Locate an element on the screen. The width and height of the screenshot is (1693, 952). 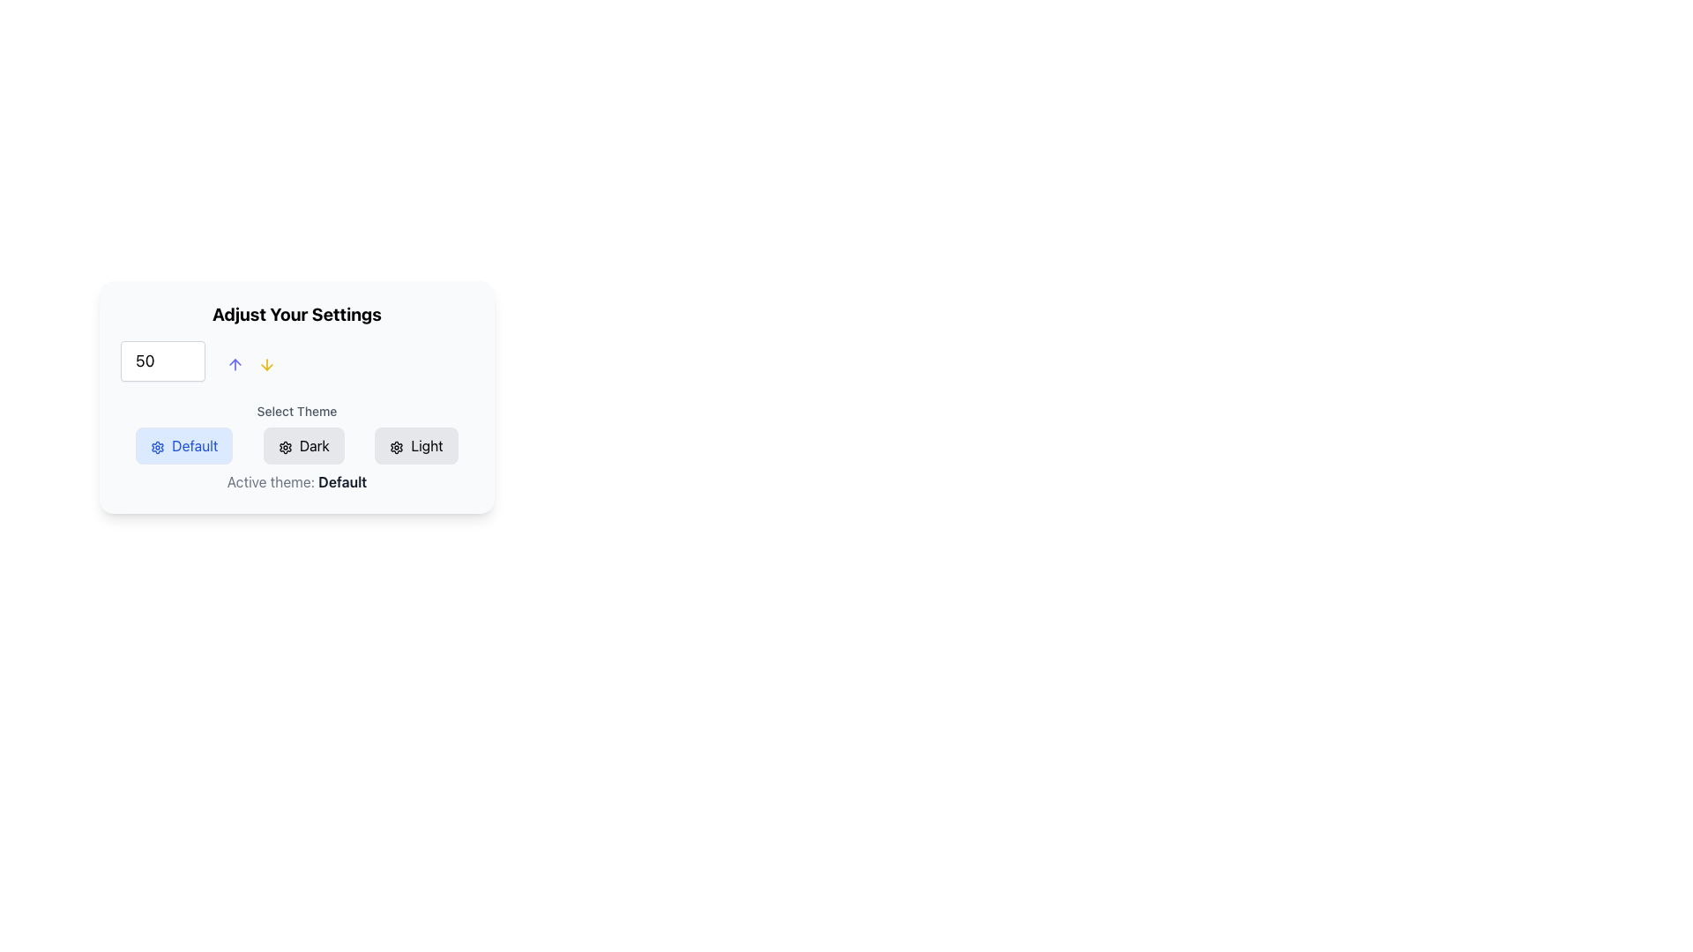
the middle button labeled 'Dark' with a gear icon is located at coordinates (296, 444).